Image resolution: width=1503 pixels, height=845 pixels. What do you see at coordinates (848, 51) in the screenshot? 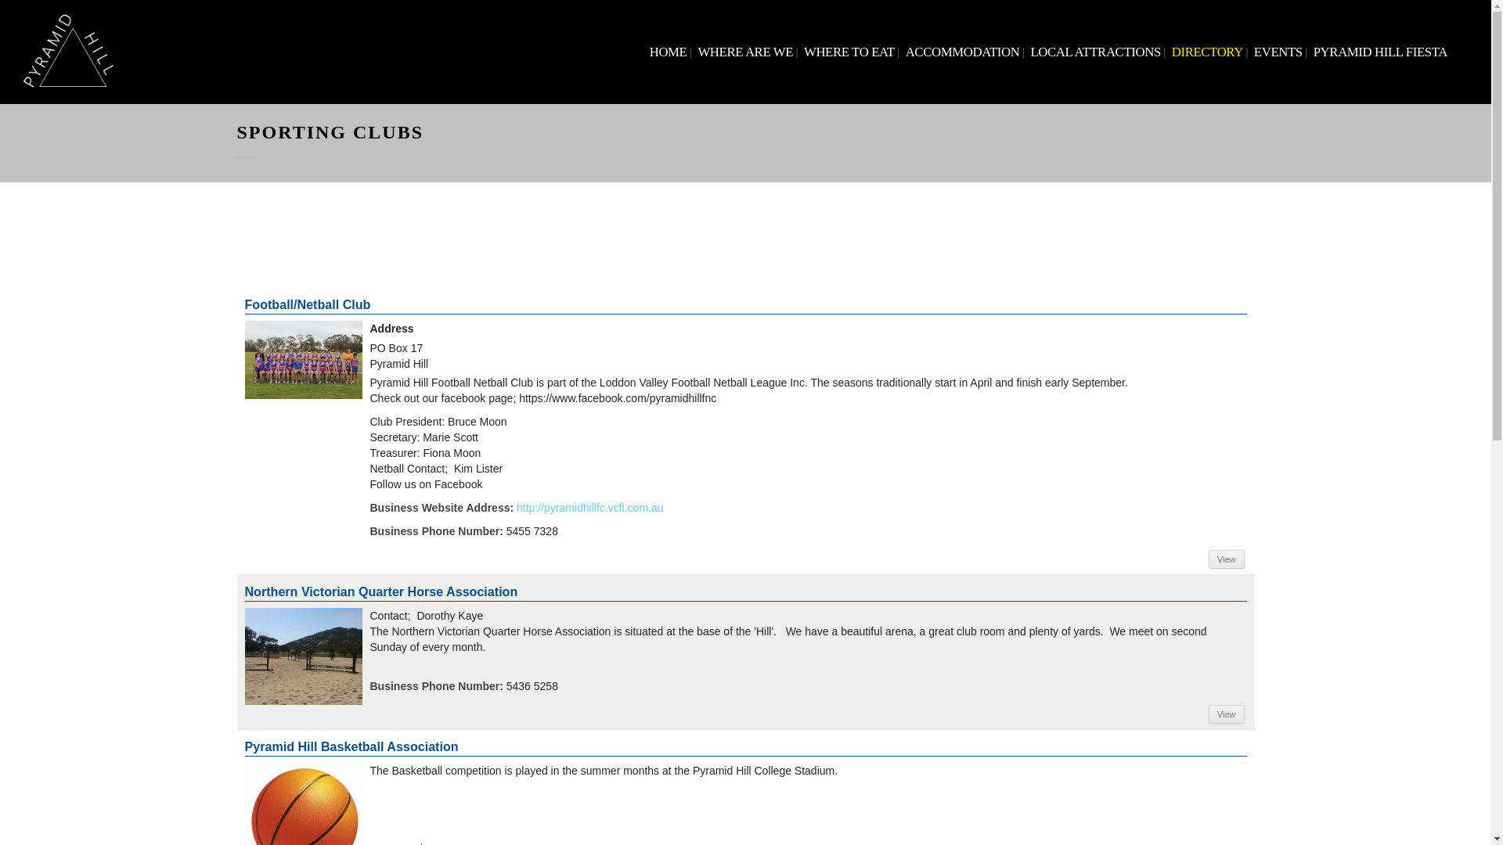
I see `'WHERE TO EAT'` at bounding box center [848, 51].